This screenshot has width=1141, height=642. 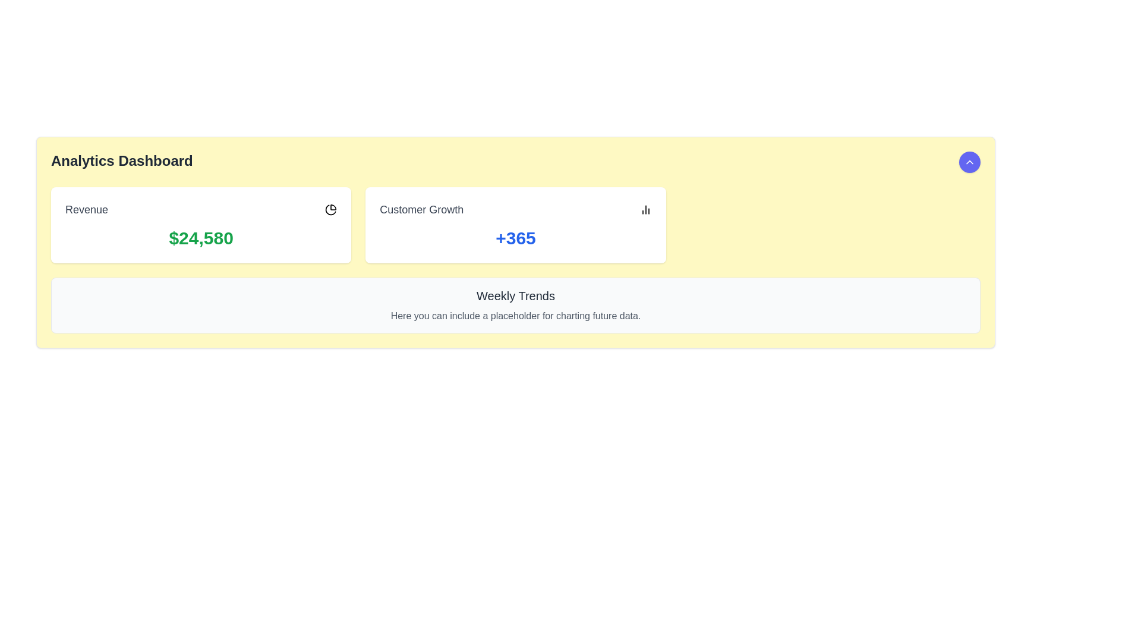 What do you see at coordinates (86, 209) in the screenshot?
I see `the 'Revenue' text label displayed in bold, gray font within a light yellow panel, positioned at the top-left corner of its card` at bounding box center [86, 209].